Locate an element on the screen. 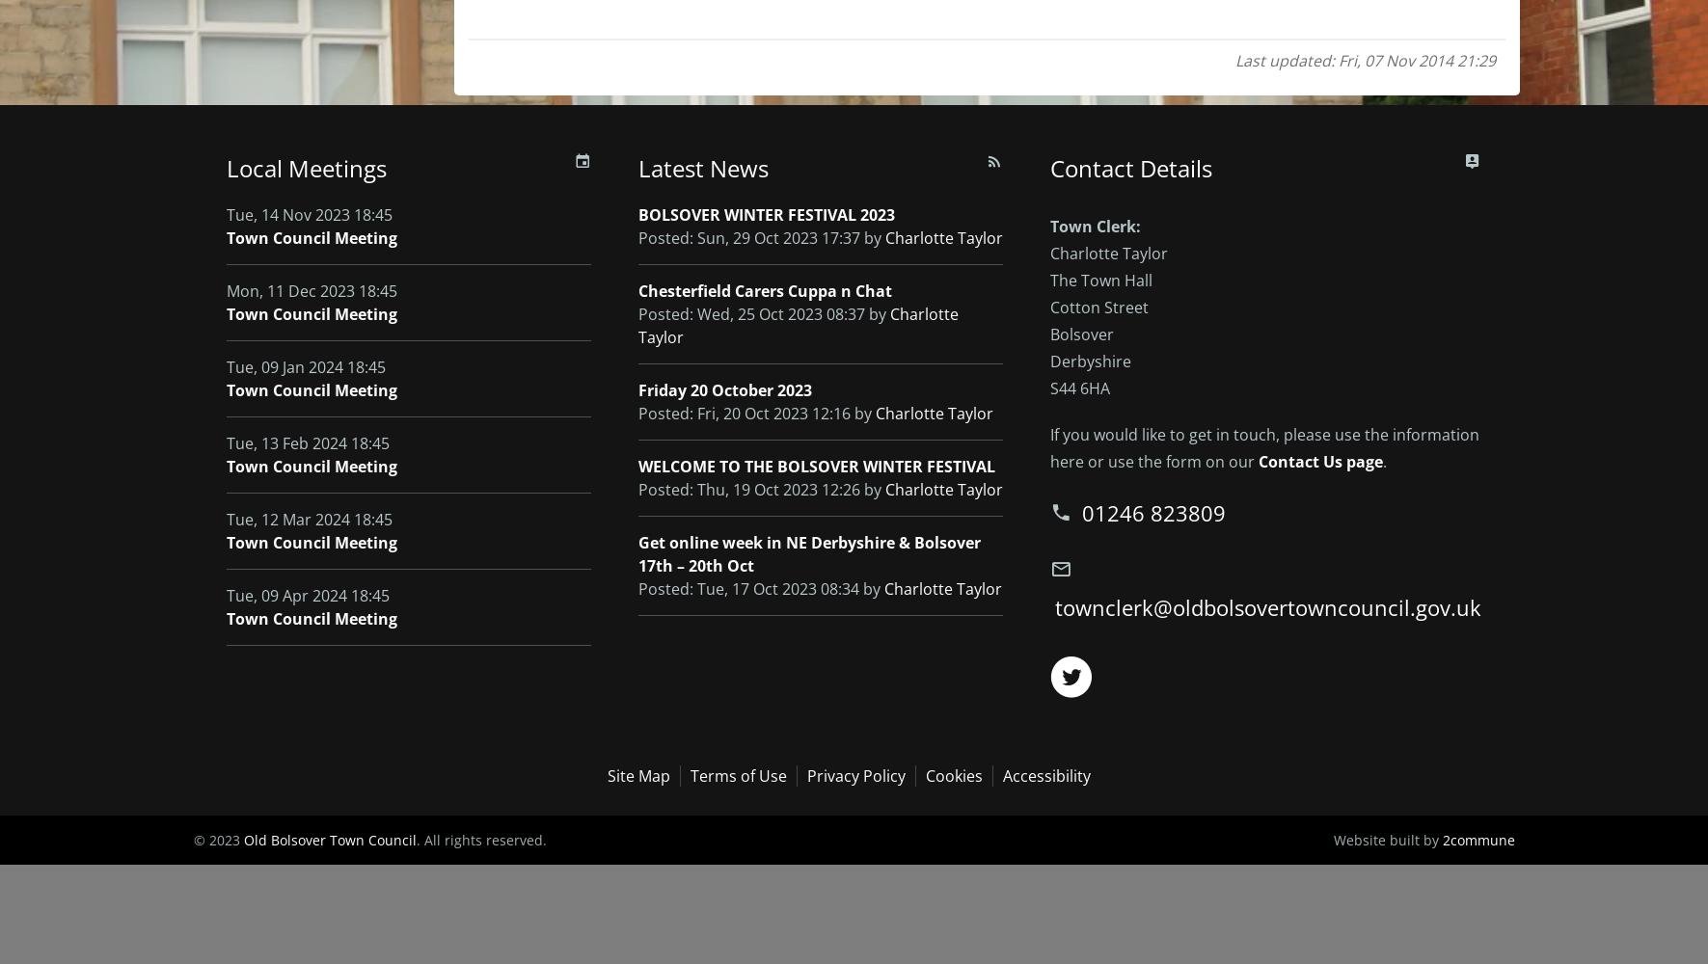  'Site Map' is located at coordinates (638, 775).